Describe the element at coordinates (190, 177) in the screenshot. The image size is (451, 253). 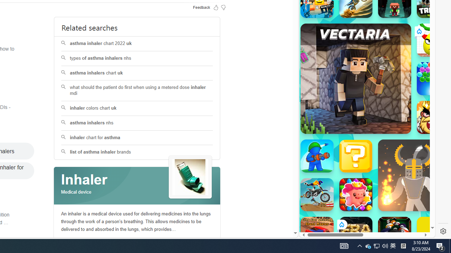
I see `'See more images of Inhaler'` at that location.